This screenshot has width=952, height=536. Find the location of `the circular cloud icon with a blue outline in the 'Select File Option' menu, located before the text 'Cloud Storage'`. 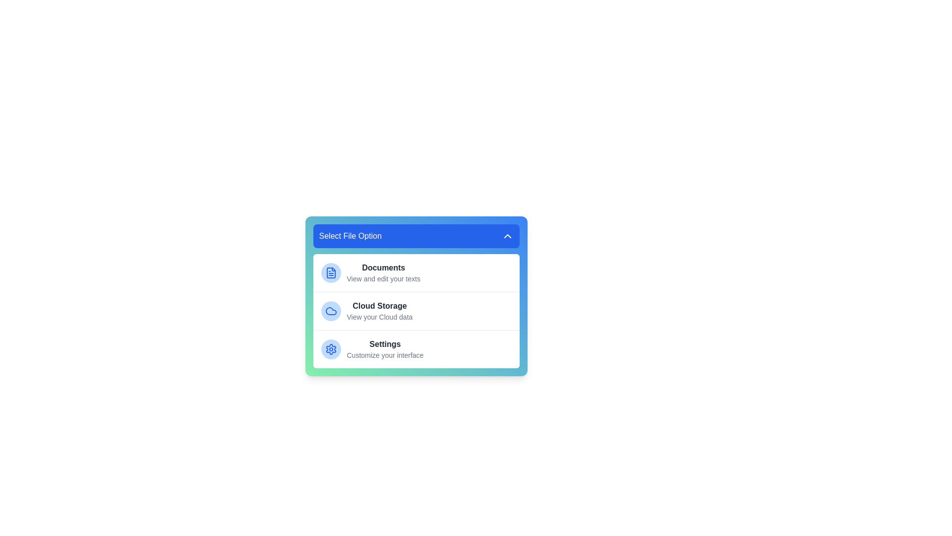

the circular cloud icon with a blue outline in the 'Select File Option' menu, located before the text 'Cloud Storage' is located at coordinates (331, 311).